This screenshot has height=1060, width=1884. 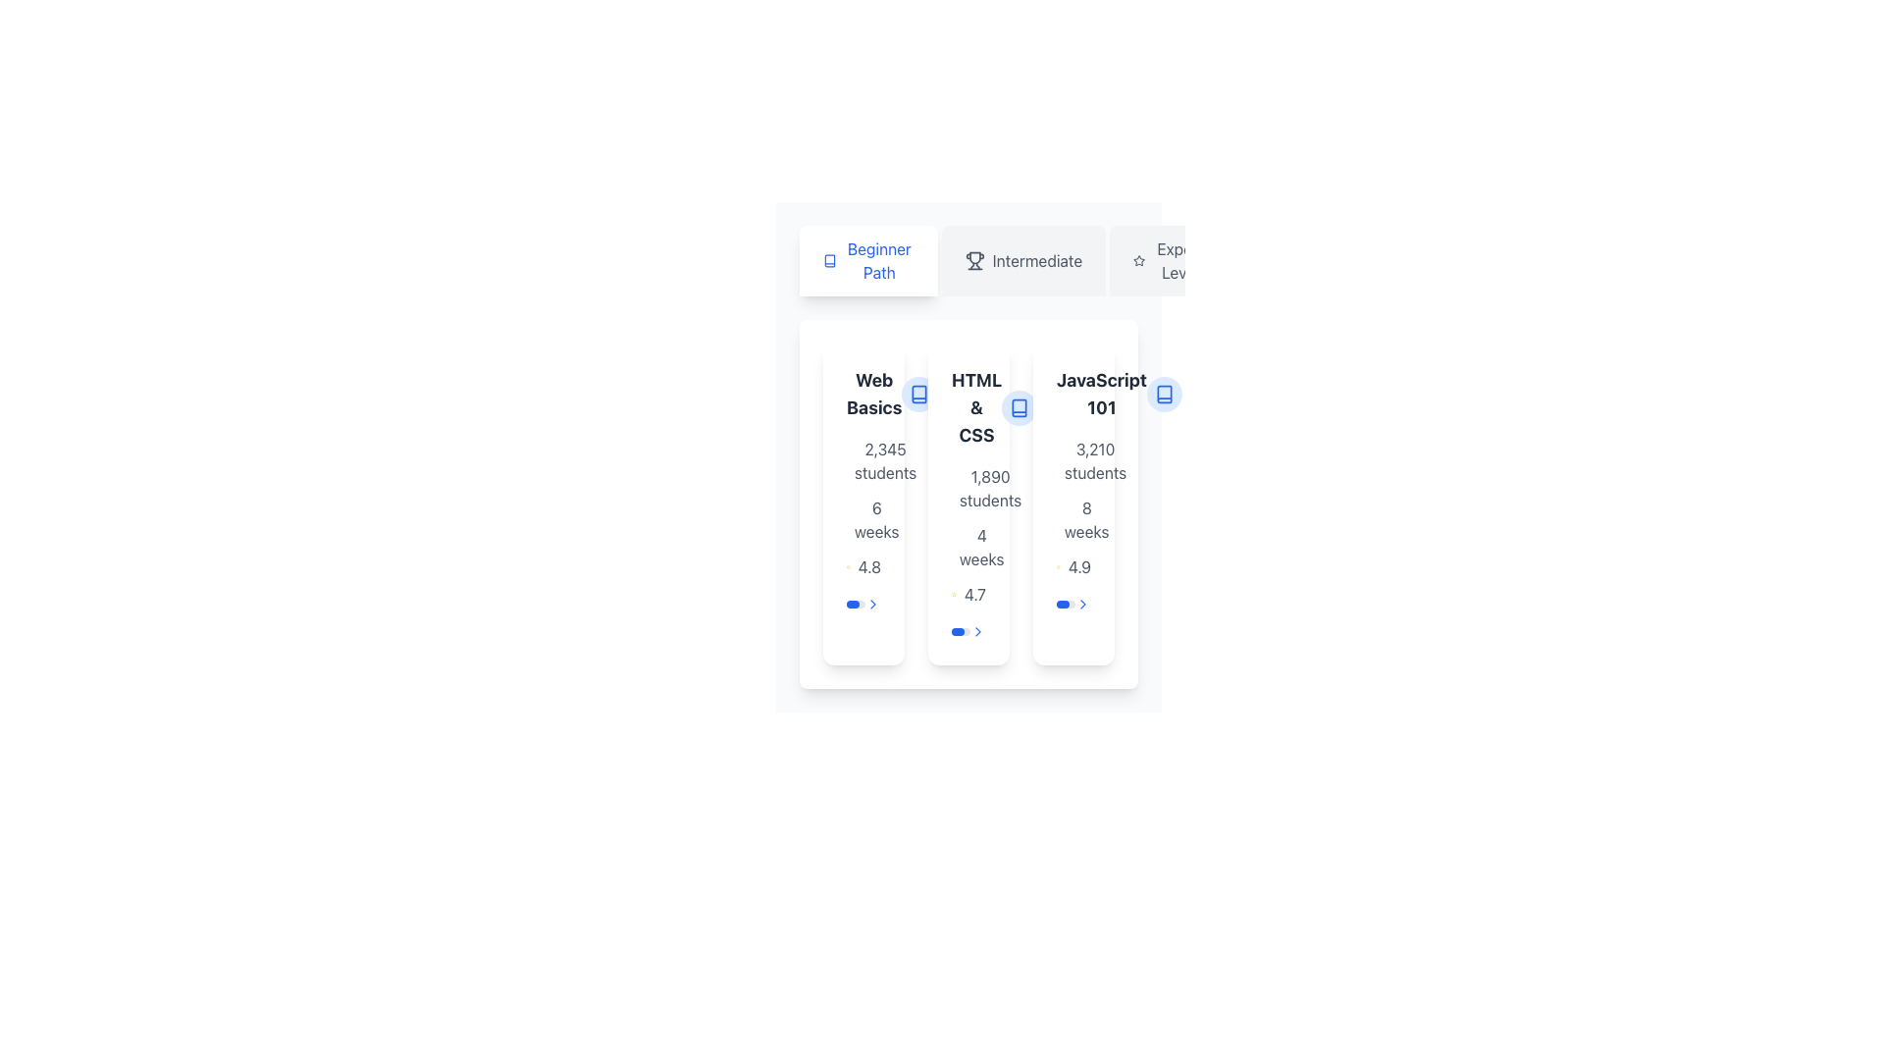 What do you see at coordinates (918, 394) in the screenshot?
I see `the educational content icon located in the top-left corner of the 'HTML & CSS' card, which is set against a blue circular background` at bounding box center [918, 394].